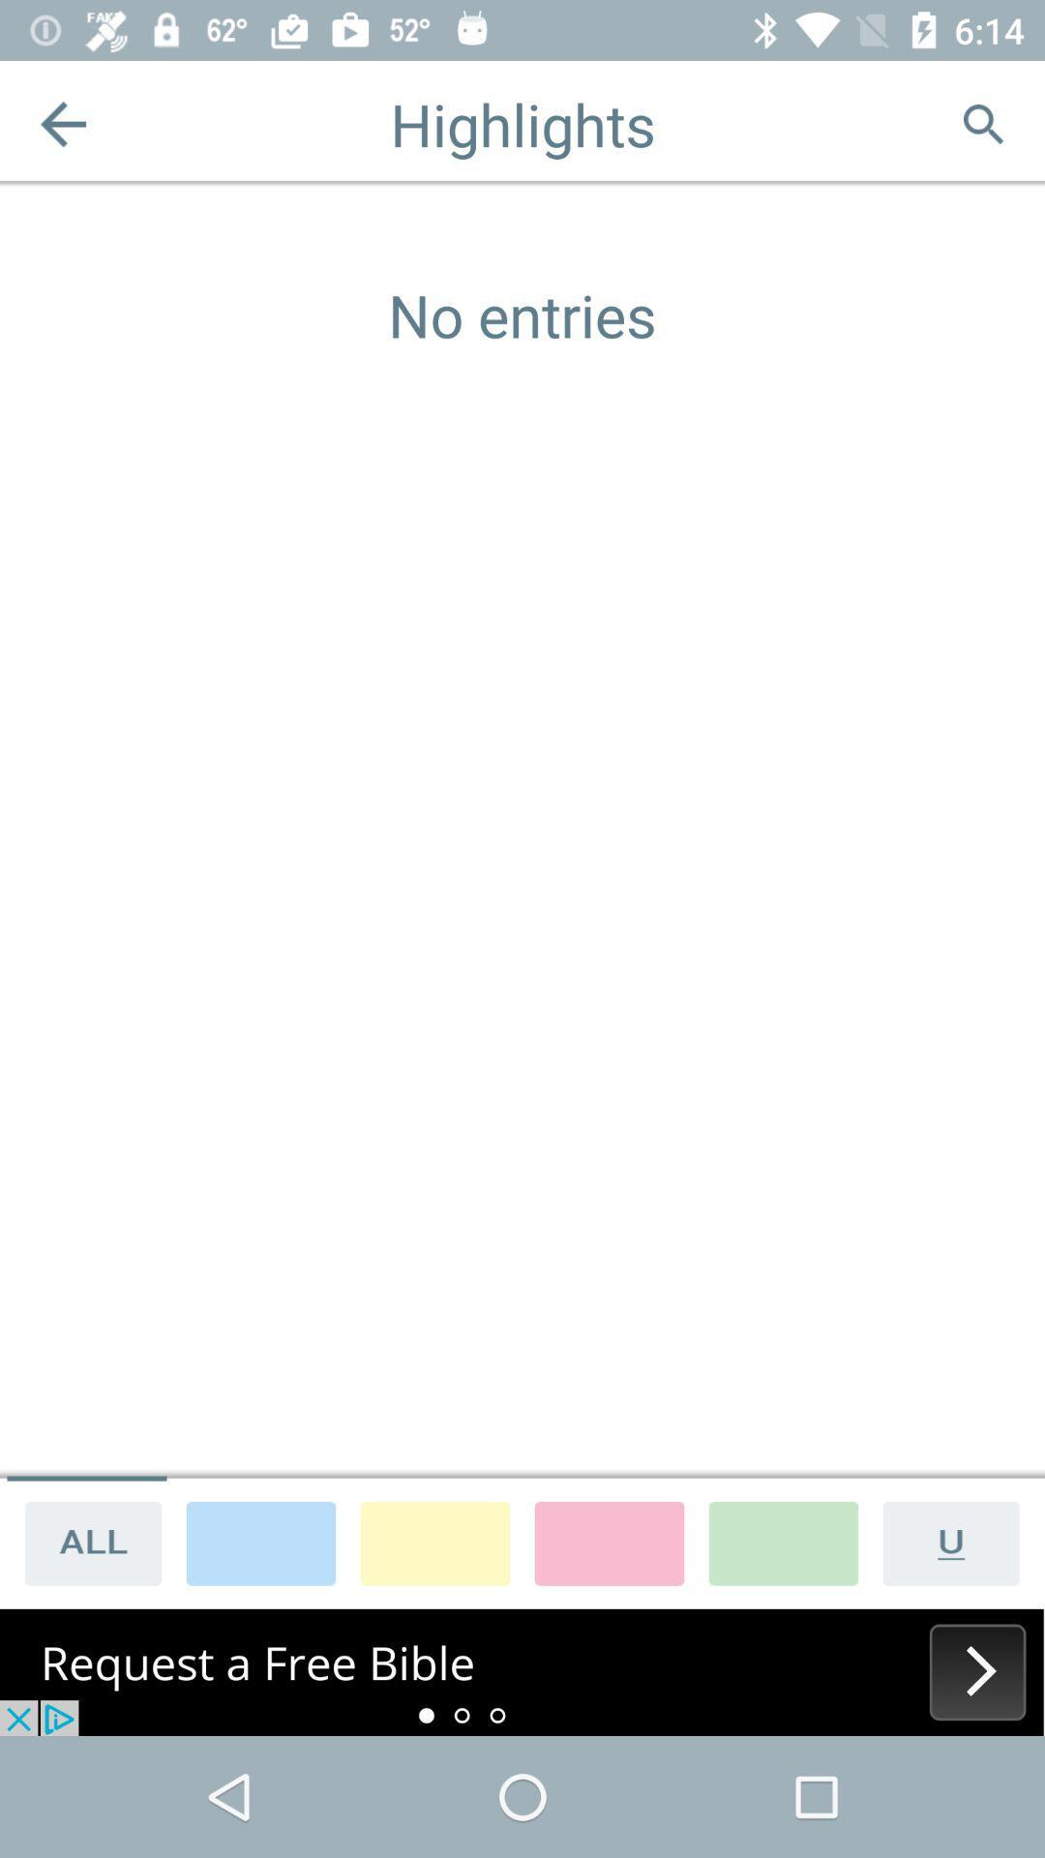 The height and width of the screenshot is (1858, 1045). I want to click on highlight color, so click(784, 1542).